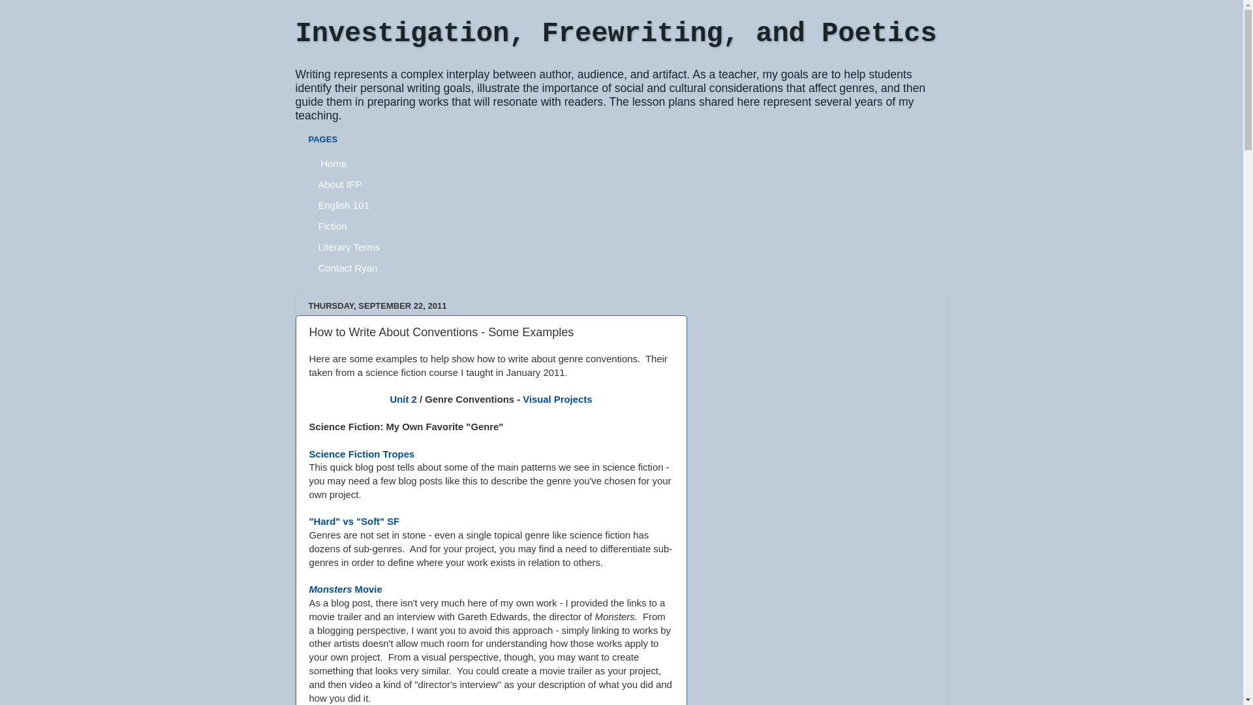 The width and height of the screenshot is (1253, 705). Describe the element at coordinates (523, 399) in the screenshot. I see `'Visual Projects'` at that location.